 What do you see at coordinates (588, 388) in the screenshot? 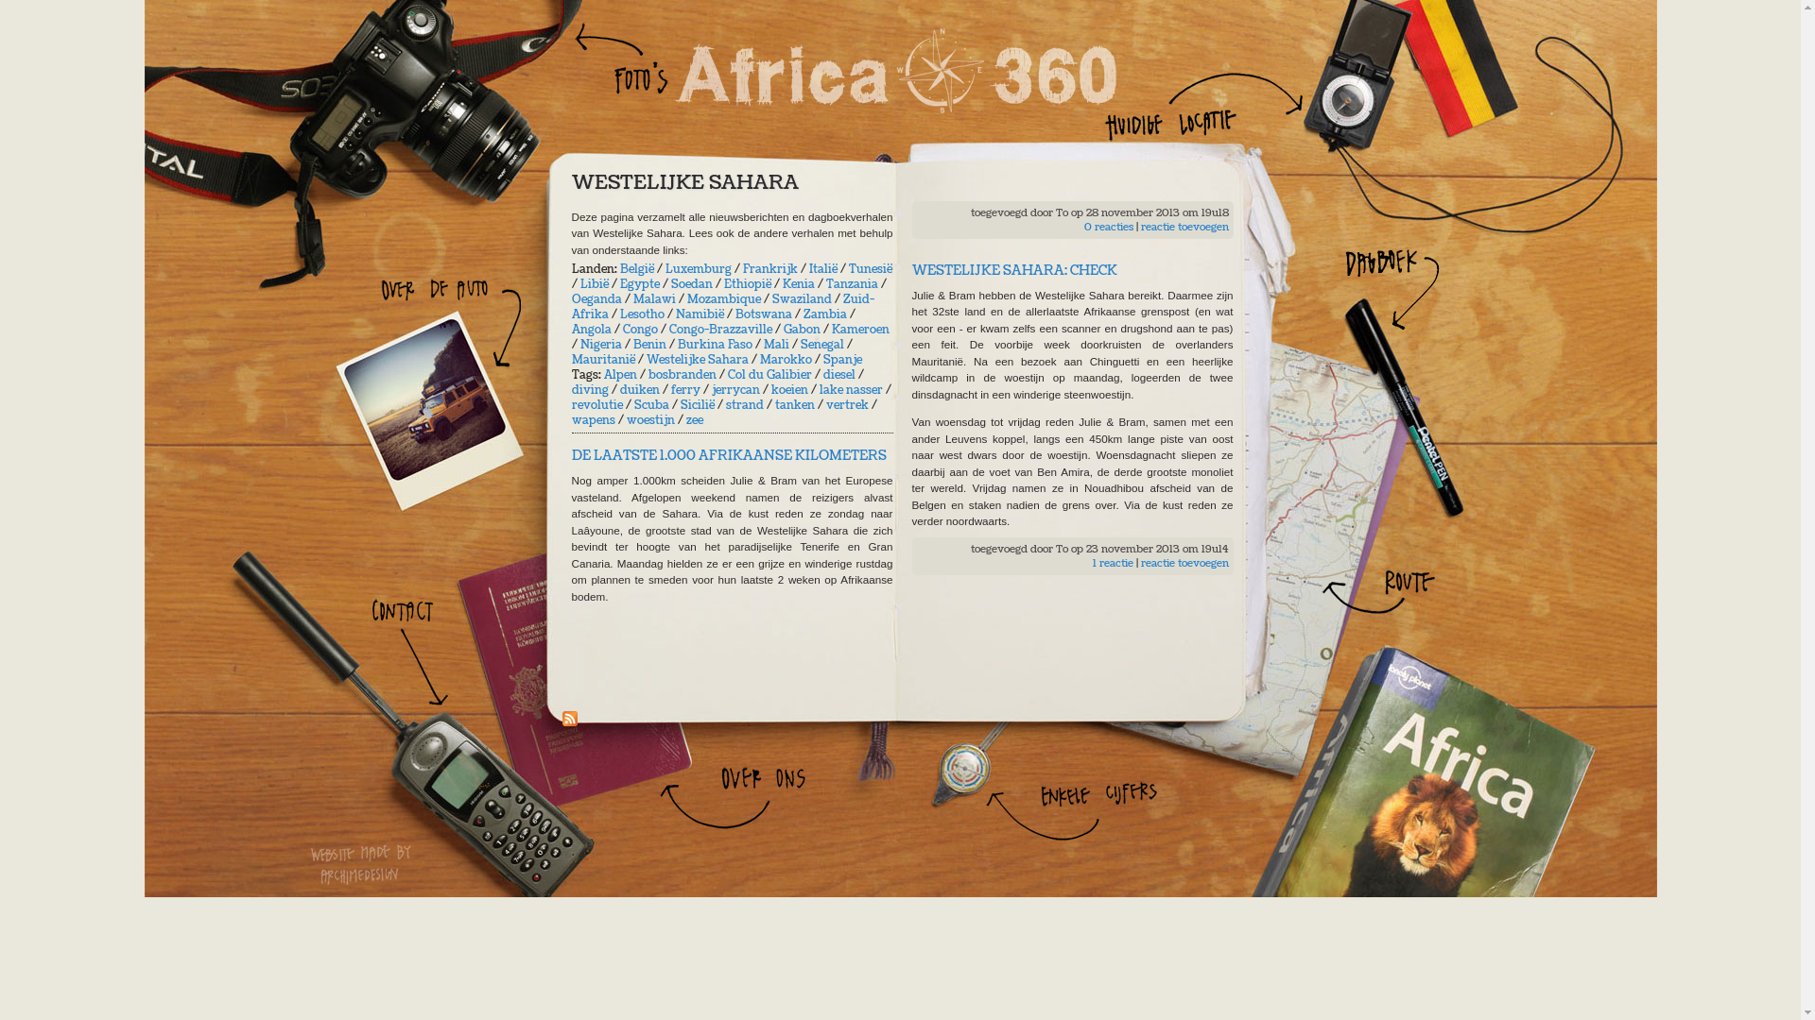
I see `'diving'` at bounding box center [588, 388].